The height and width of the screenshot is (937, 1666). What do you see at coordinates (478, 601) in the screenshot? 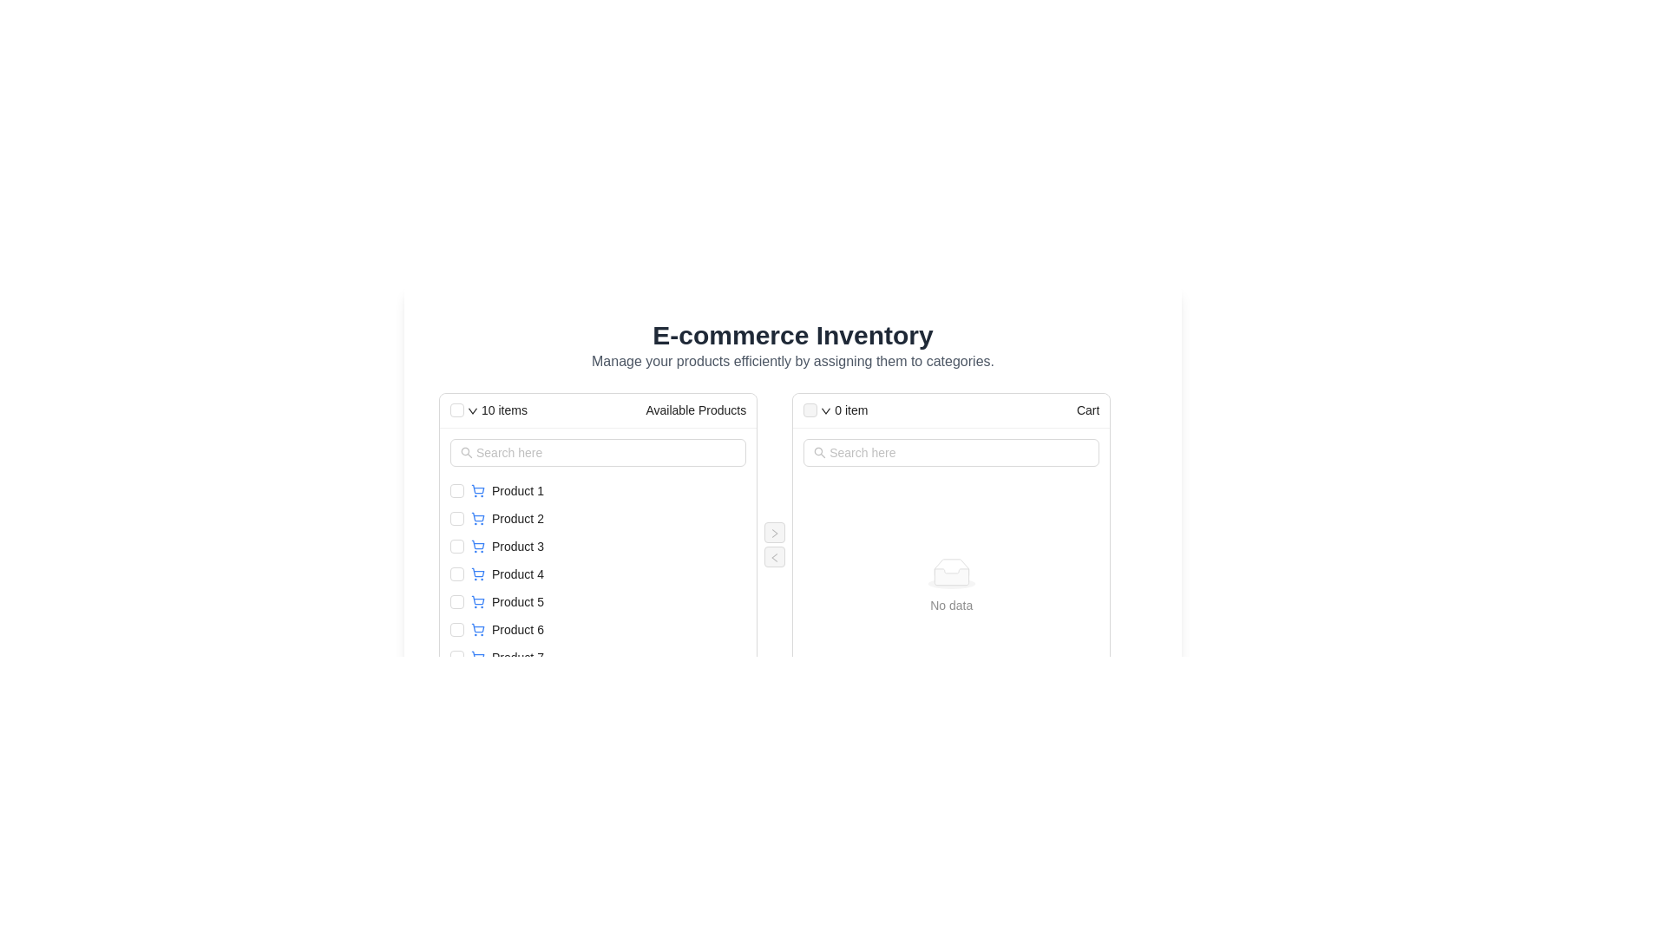
I see `shopping cart icon located to the left of the text 'Product 5' in the Available Products section, which is the fifth entry from the top` at bounding box center [478, 601].